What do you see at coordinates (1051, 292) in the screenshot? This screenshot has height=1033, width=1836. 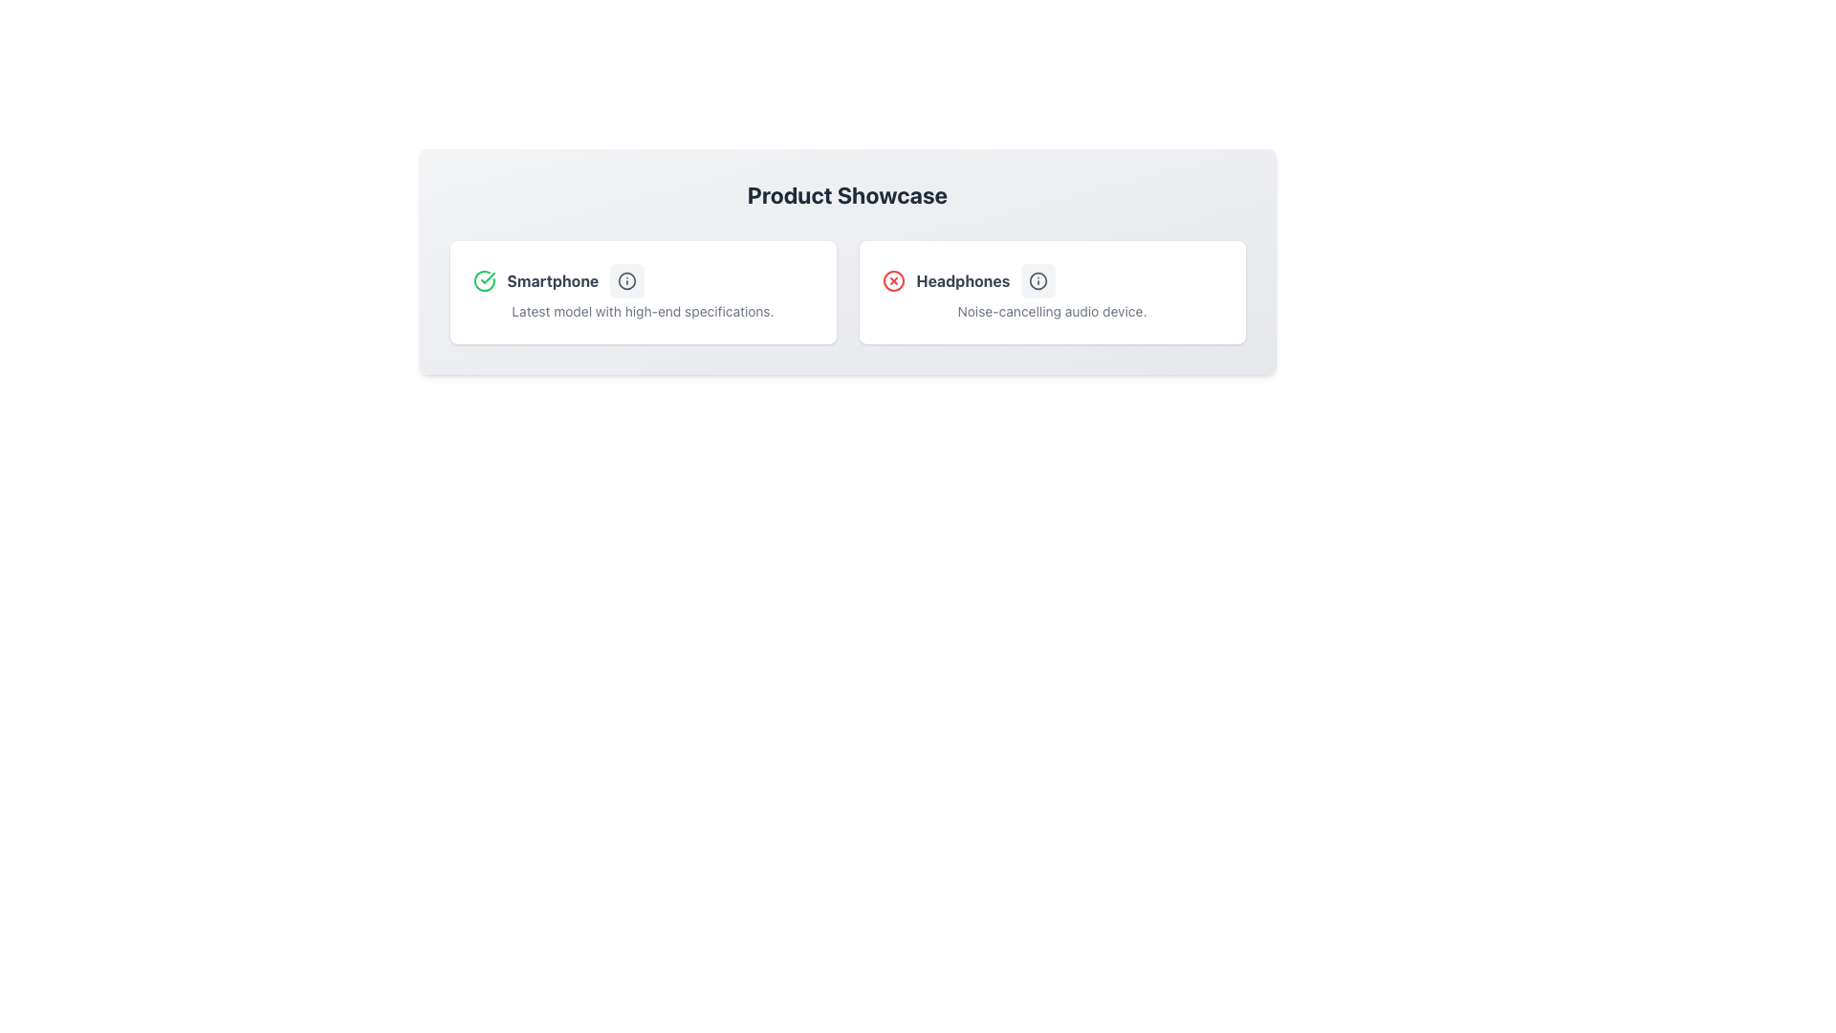 I see `the informational card displaying the product 'Headphones', which is the second card in the 'Product Showcase' layout, located to the right of the 'Smartphone' card` at bounding box center [1051, 292].